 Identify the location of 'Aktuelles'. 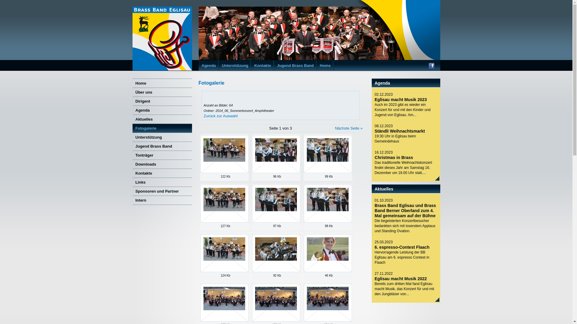
(162, 119).